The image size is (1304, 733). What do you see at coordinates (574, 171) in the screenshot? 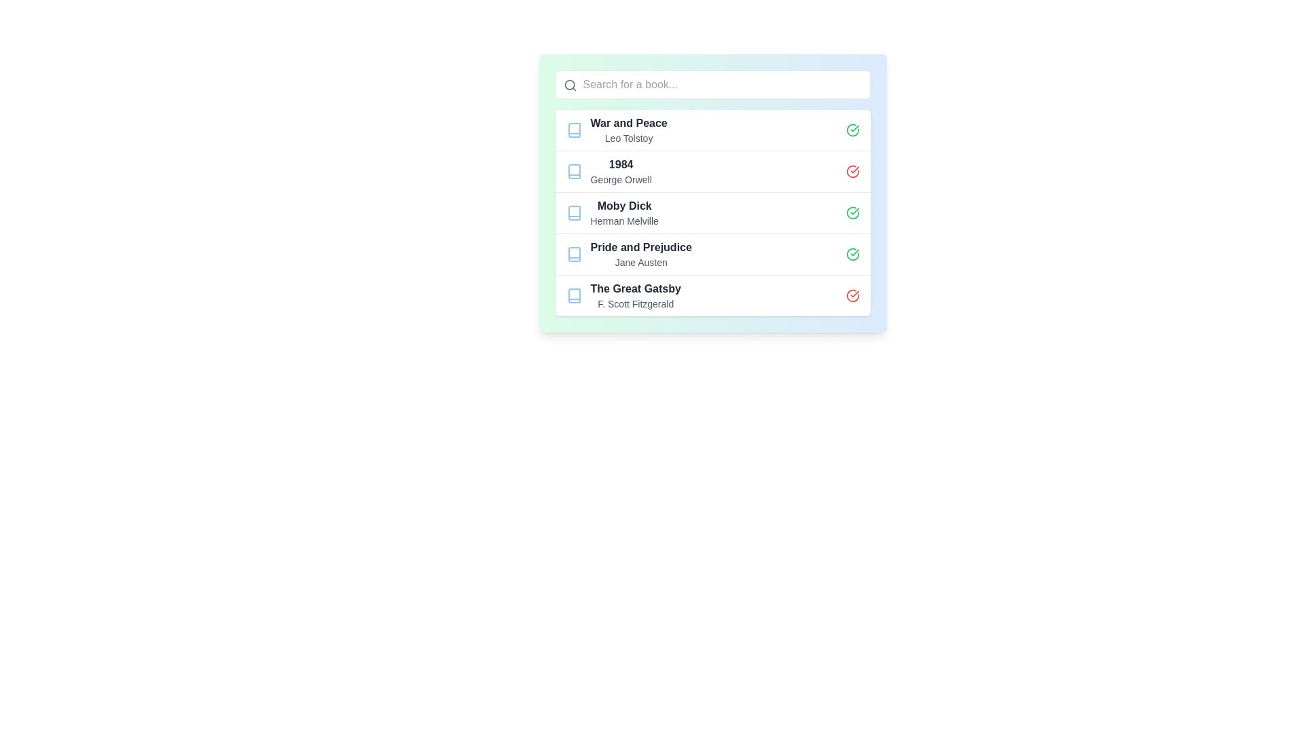
I see `the blue minimalist book icon associated with '1984', the second item in the list of books, located to the left of the title text '1984'` at bounding box center [574, 171].